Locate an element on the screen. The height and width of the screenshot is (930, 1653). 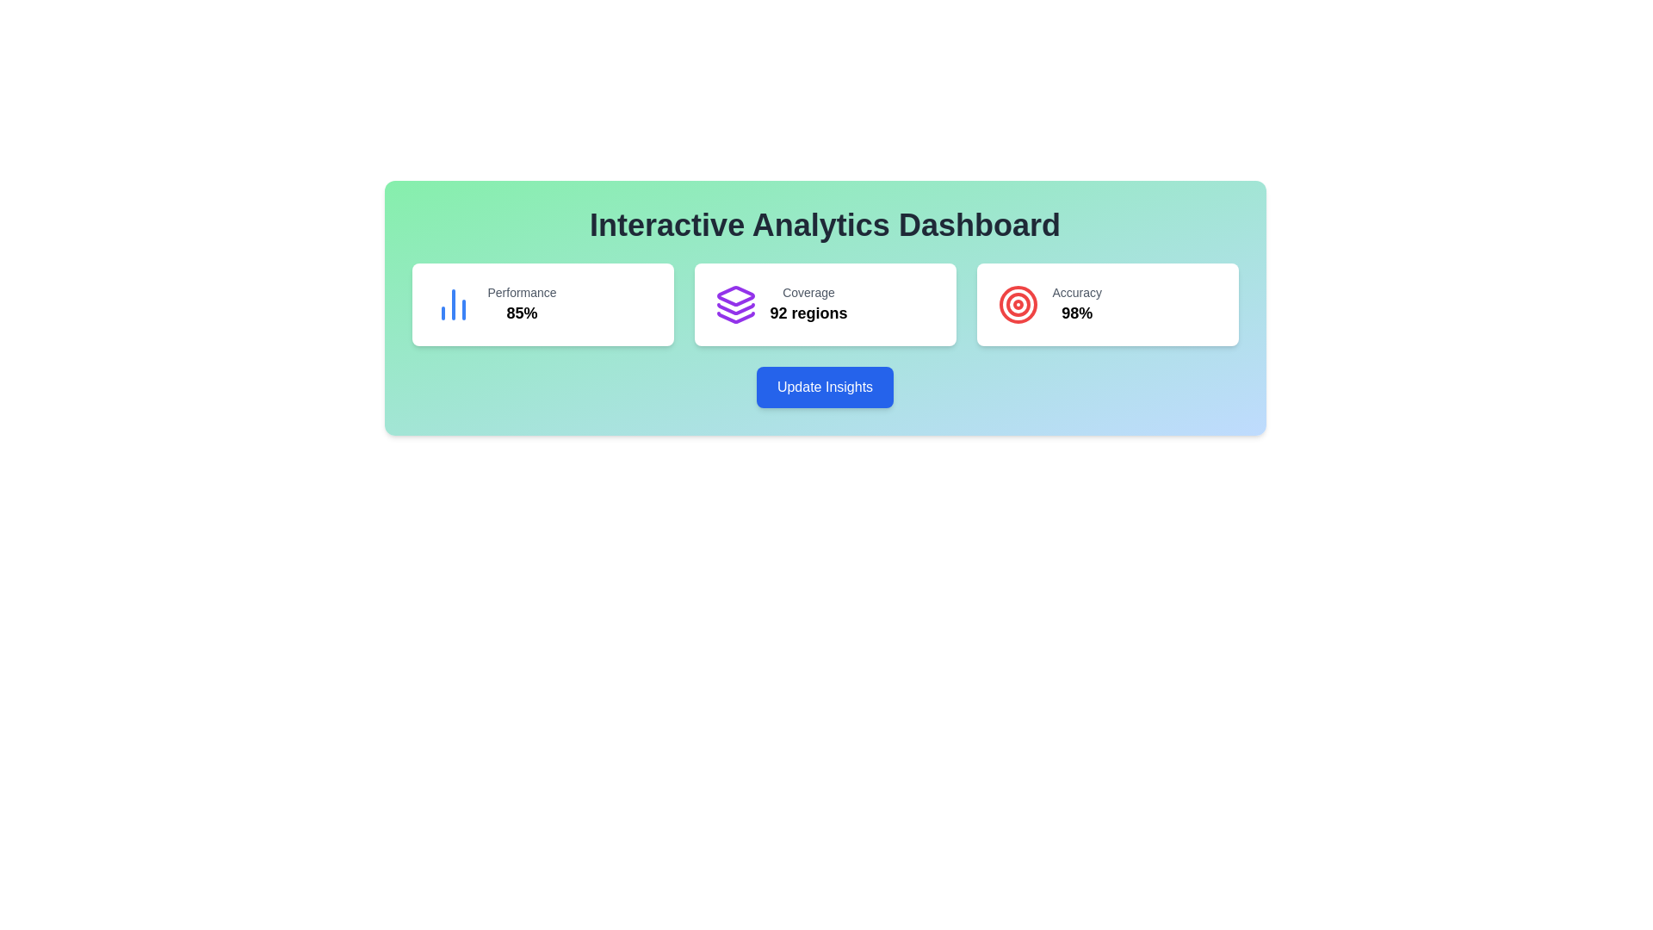
the prominent text label displaying '92 regions', which is located in the central card of a three-part layout, below the smaller text 'Coverage' is located at coordinates (808, 313).